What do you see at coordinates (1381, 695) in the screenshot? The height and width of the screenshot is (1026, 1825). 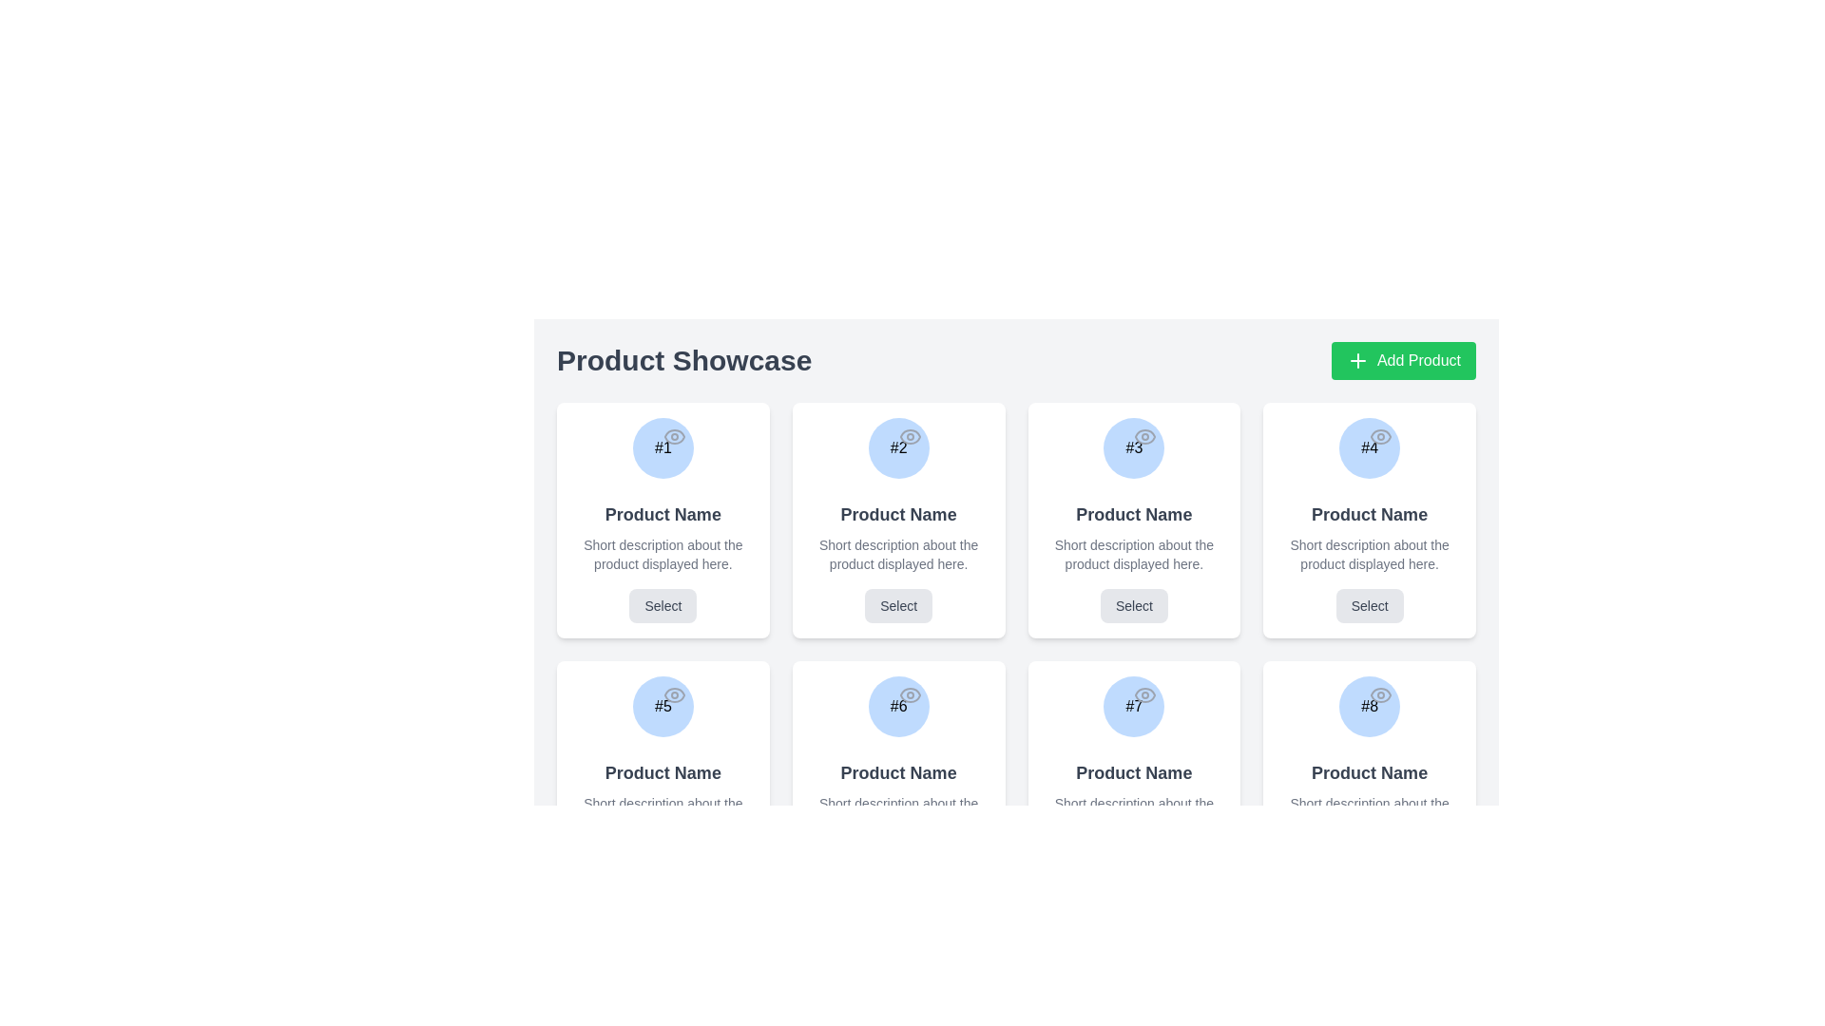 I see `the eye icon located in the top-right corner of product card '#8', which features a circular number indicator and visible text` at bounding box center [1381, 695].